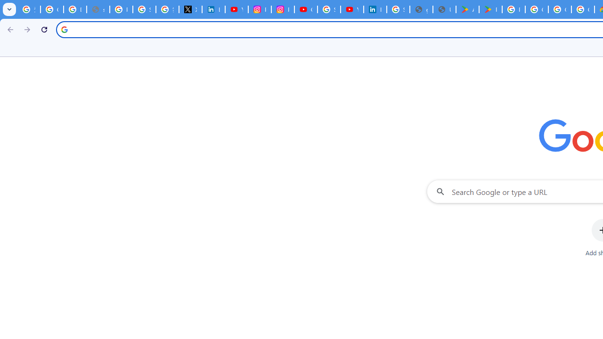 Image resolution: width=603 pixels, height=339 pixels. What do you see at coordinates (190, 9) in the screenshot?
I see `'X'` at bounding box center [190, 9].